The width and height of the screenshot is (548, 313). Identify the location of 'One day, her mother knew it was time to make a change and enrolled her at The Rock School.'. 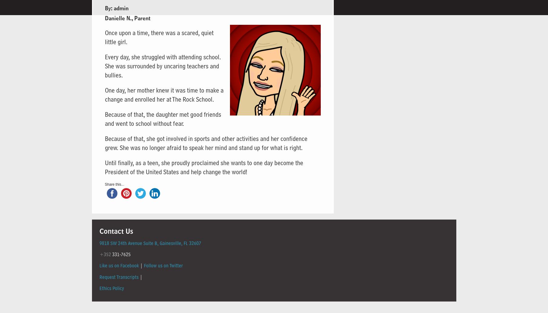
(164, 94).